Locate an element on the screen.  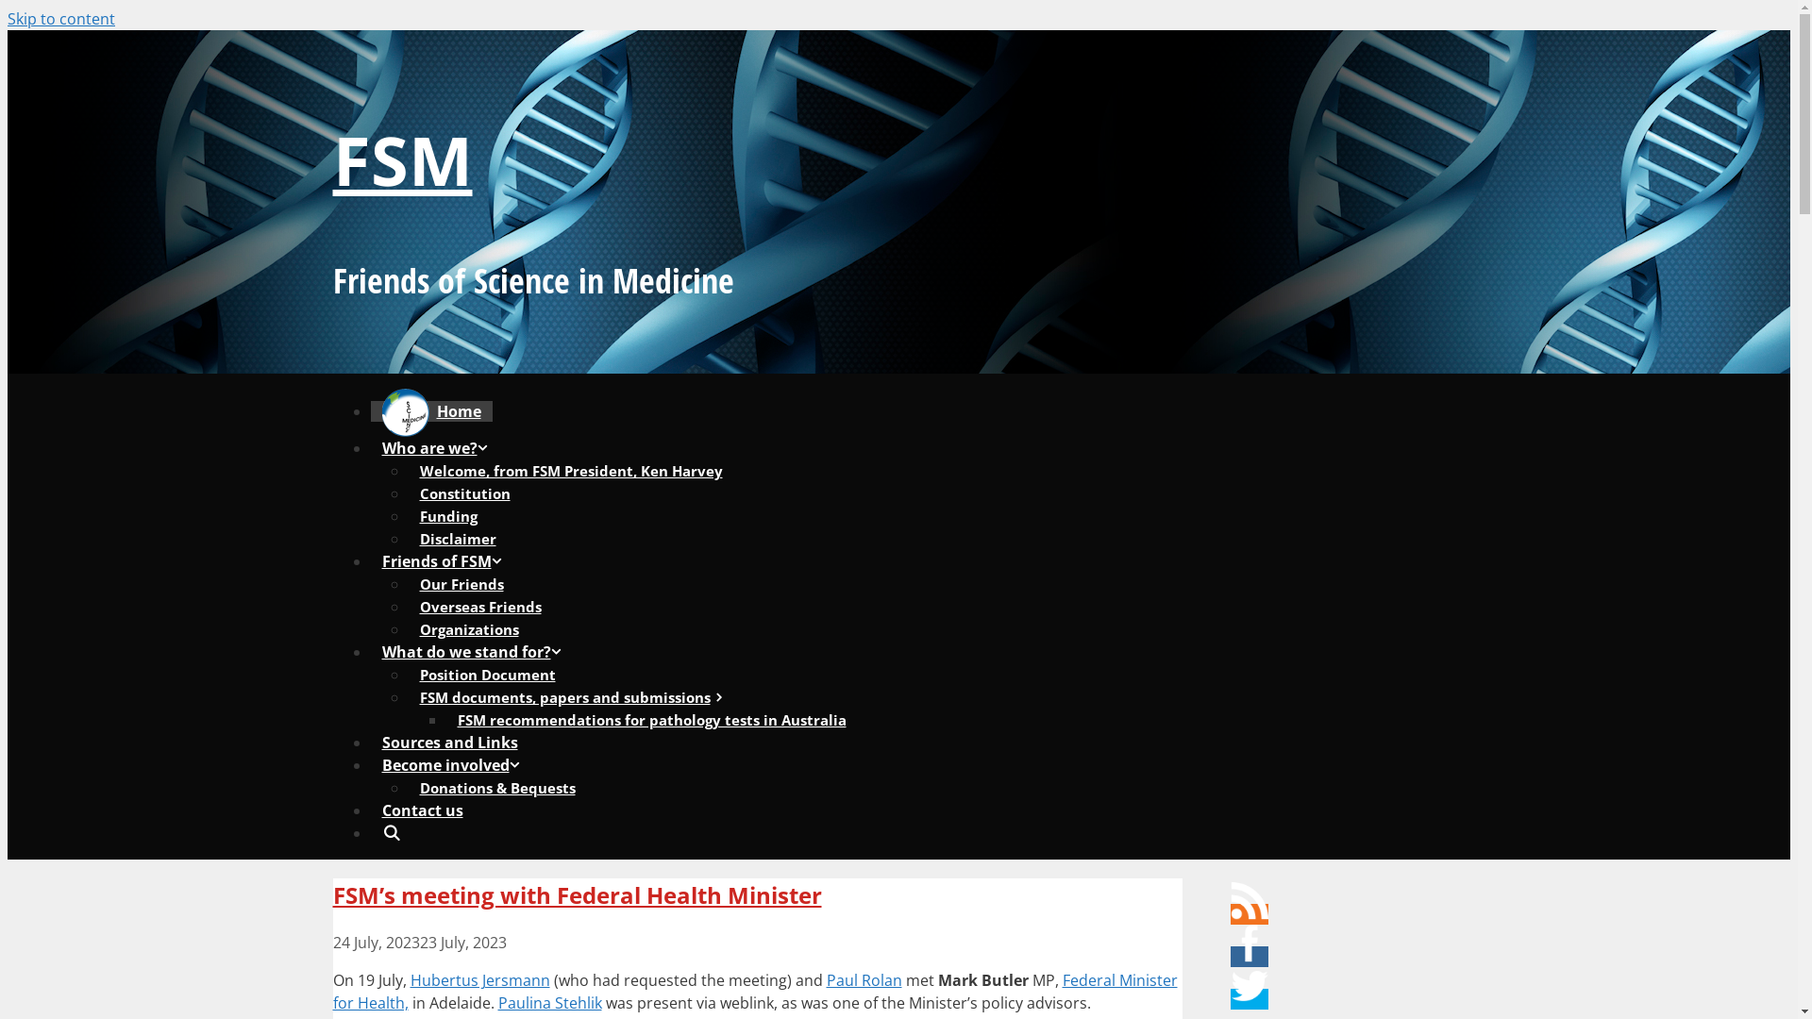
'What do we stand for?' is located at coordinates (477, 650).